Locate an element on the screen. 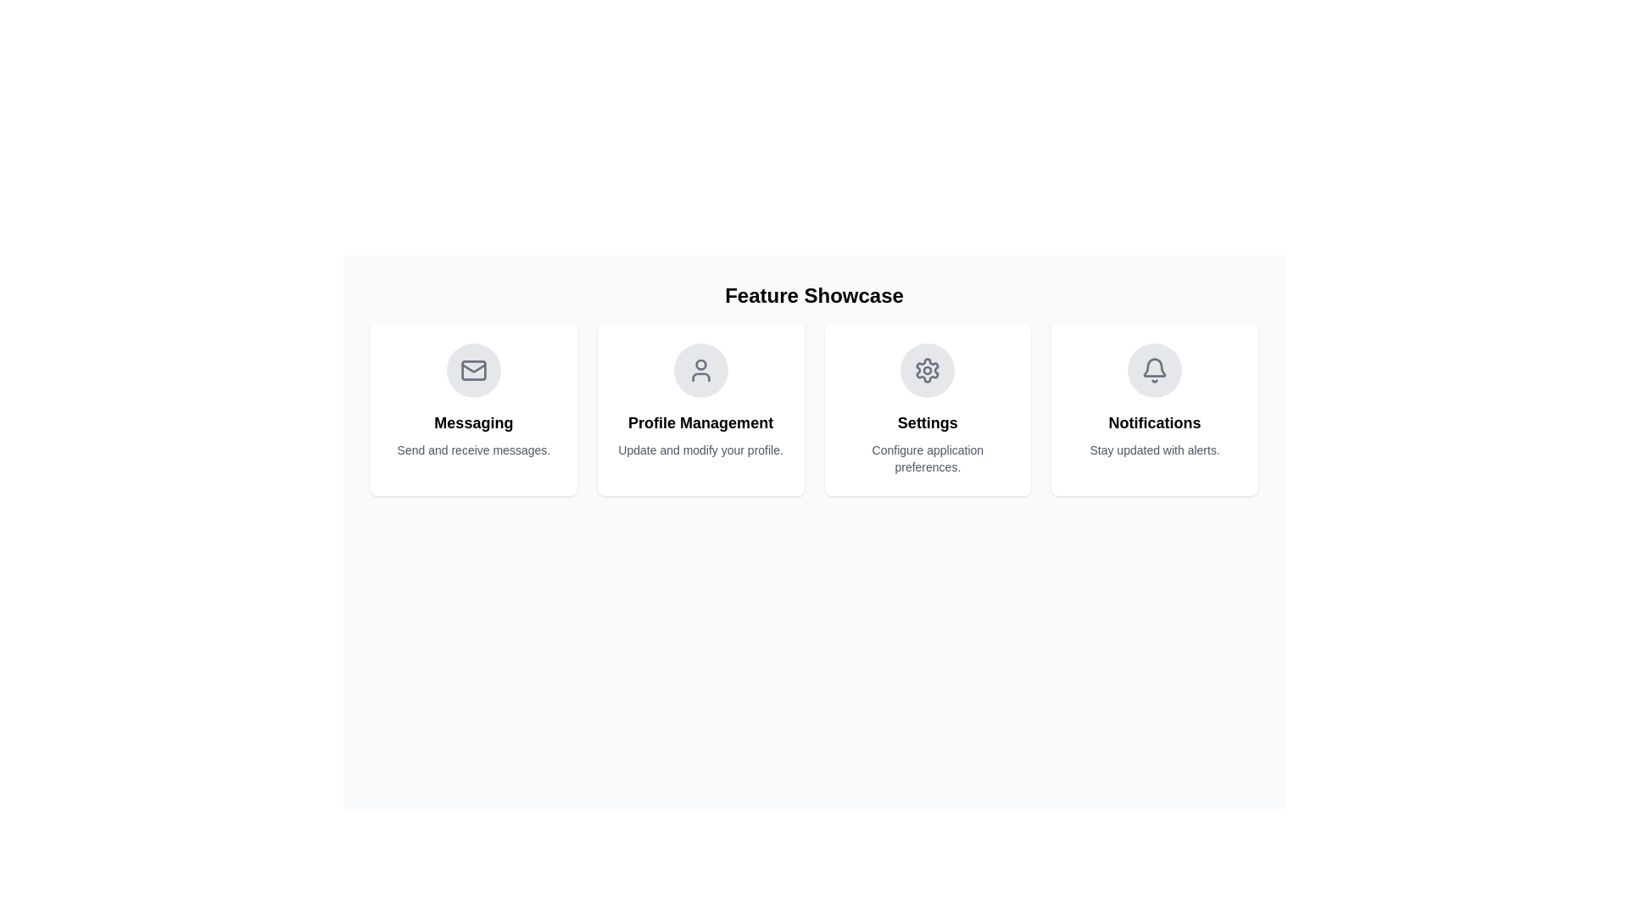 This screenshot has height=916, width=1628. the decorative icon representing messaging functionality located at the top of the card labeled 'Messaging', positioned above the text 'Messaging' and 'Send and receive messages' is located at coordinates (473, 369).